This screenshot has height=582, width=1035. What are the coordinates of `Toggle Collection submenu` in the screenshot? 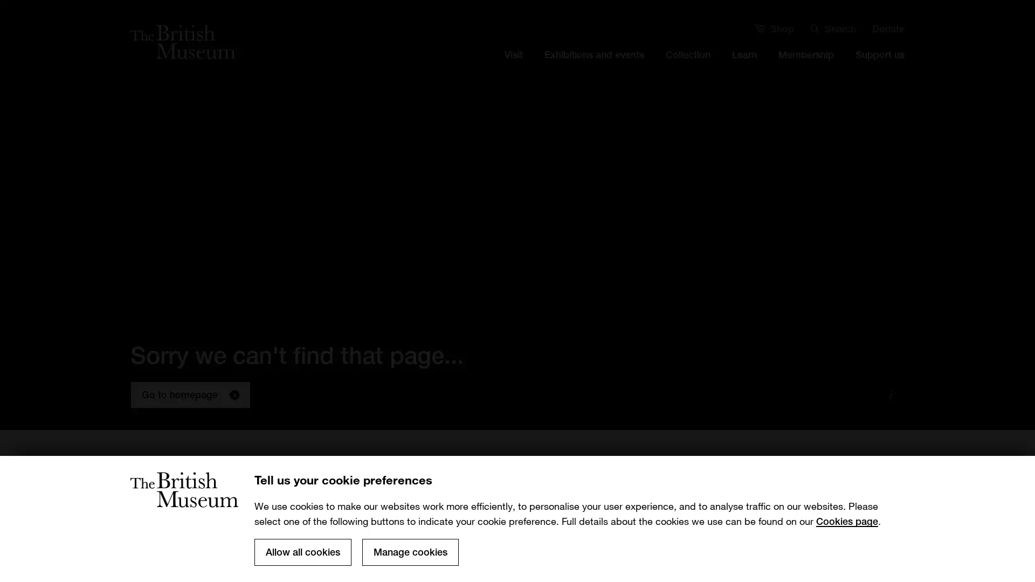 It's located at (687, 75).